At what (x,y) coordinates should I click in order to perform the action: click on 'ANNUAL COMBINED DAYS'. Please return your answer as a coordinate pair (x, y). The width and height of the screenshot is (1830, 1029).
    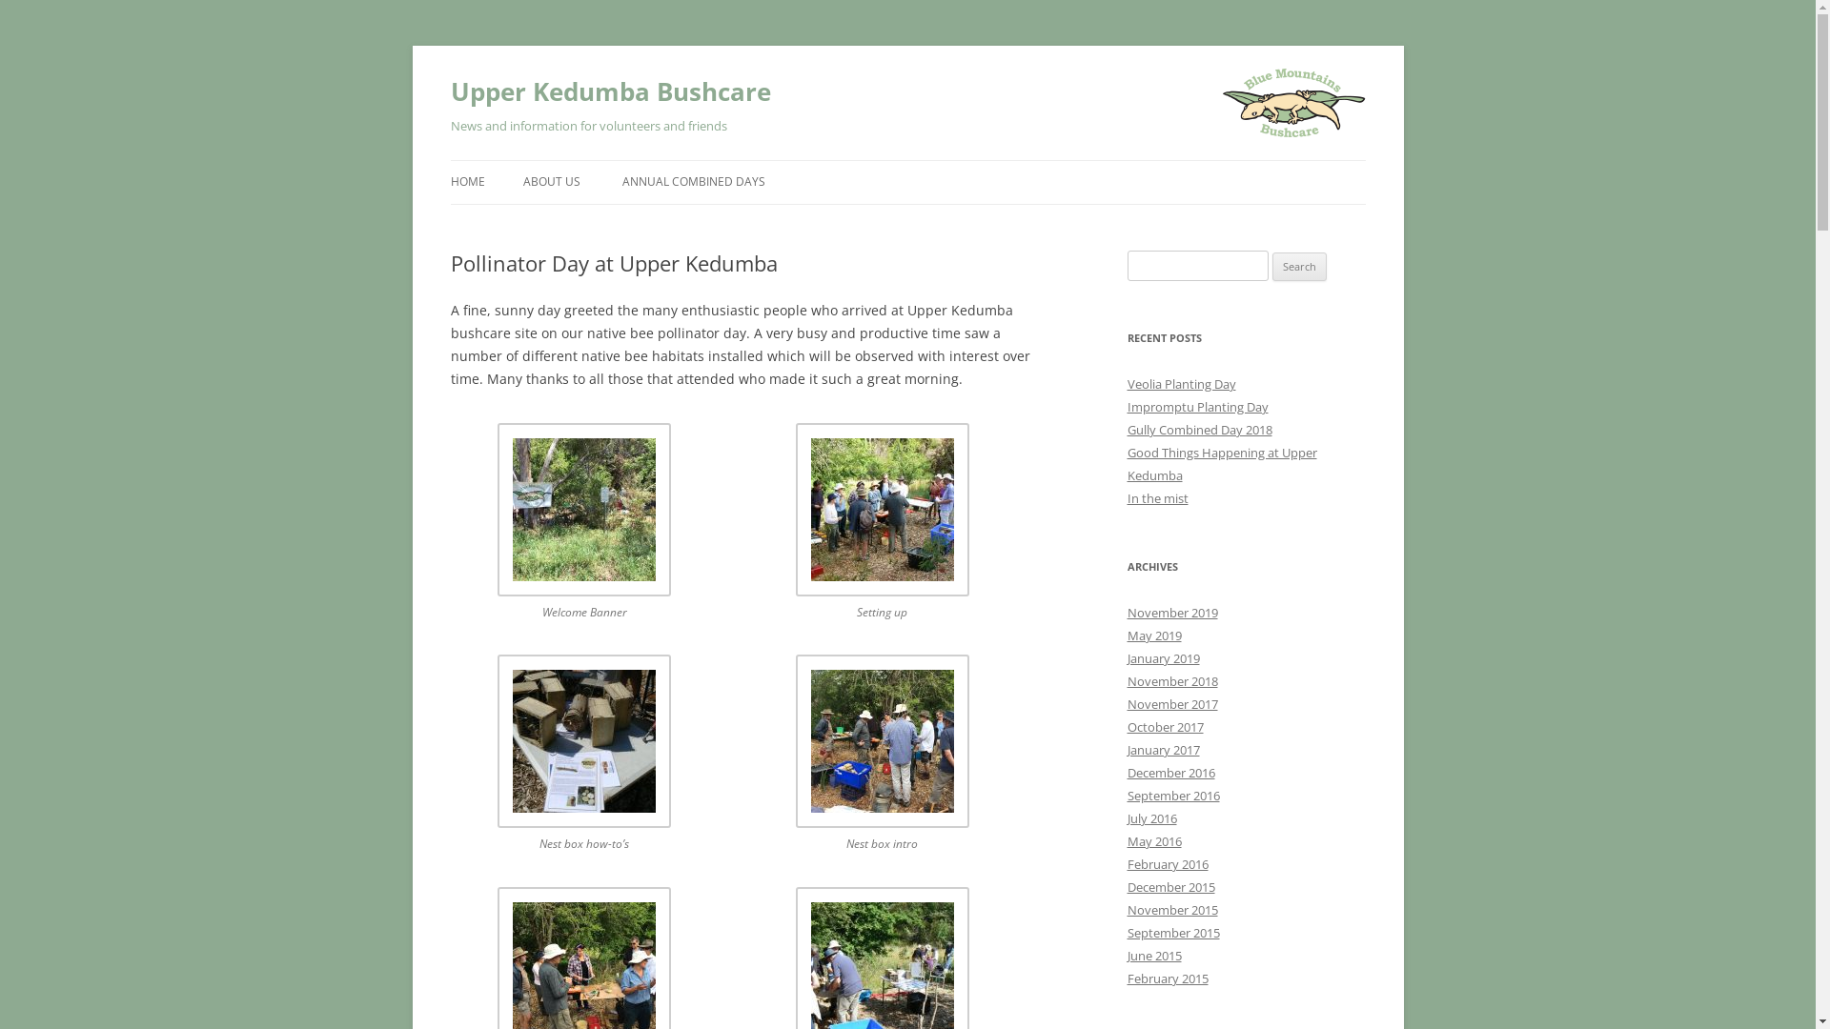
    Looking at the image, I should click on (691, 182).